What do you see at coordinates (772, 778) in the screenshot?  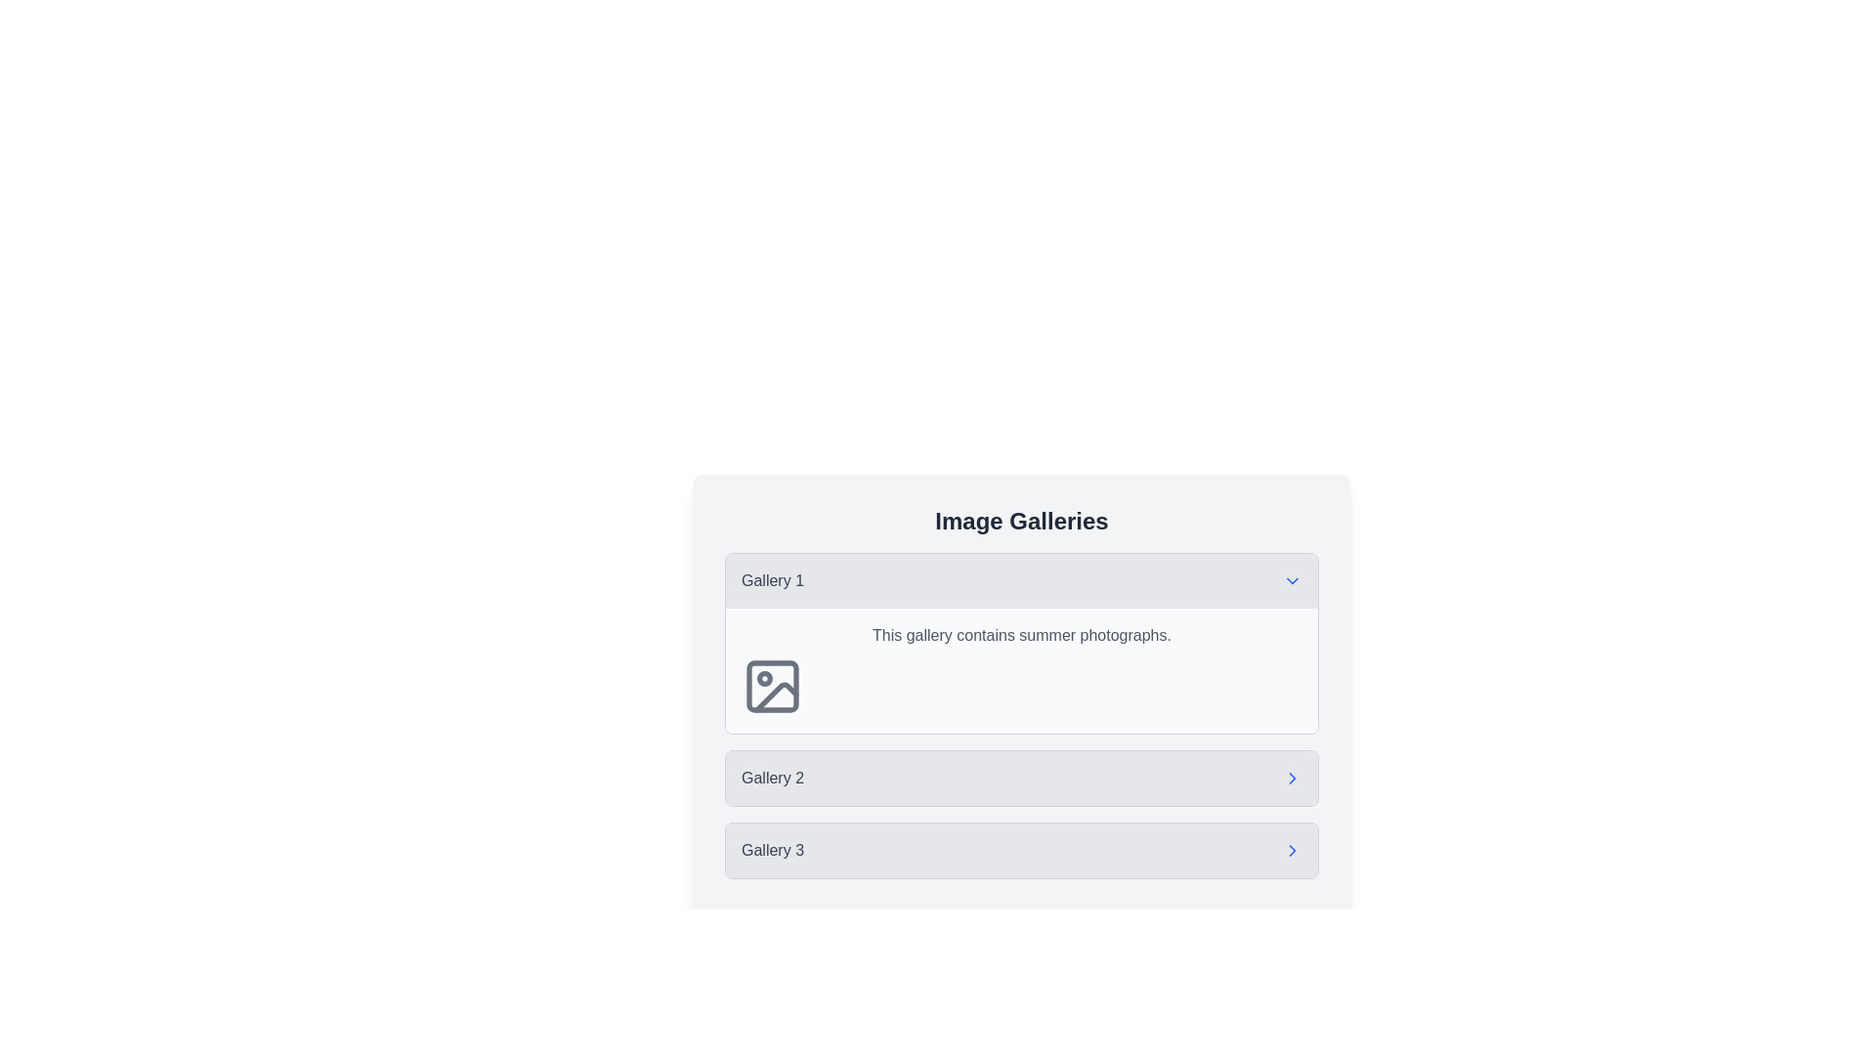 I see `the text label that serves as a title or identifier for its section` at bounding box center [772, 778].